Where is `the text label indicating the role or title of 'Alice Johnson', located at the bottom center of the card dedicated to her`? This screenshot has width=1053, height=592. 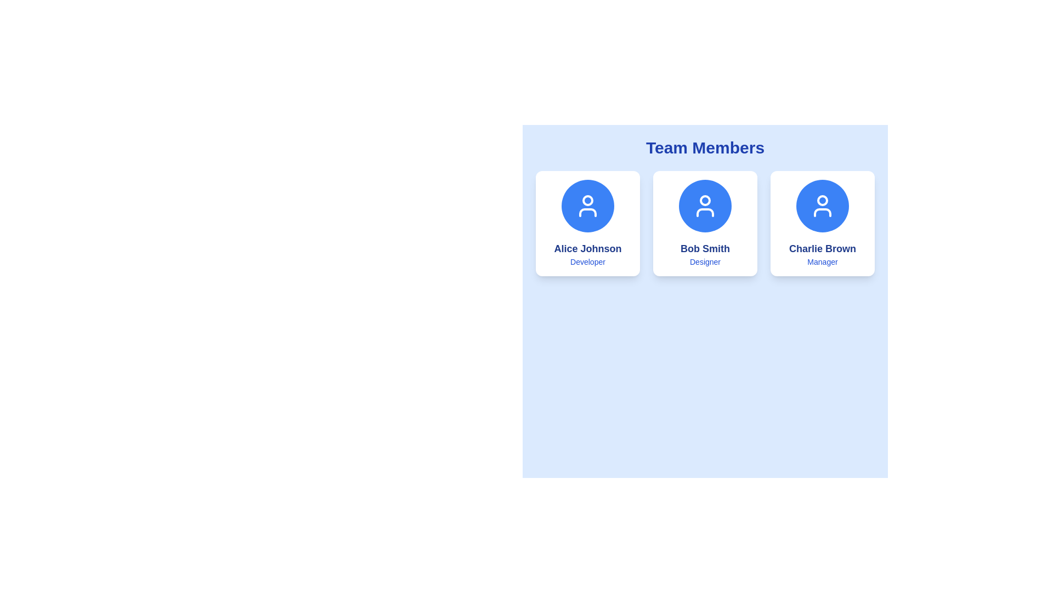
the text label indicating the role or title of 'Alice Johnson', located at the bottom center of the card dedicated to her is located at coordinates (587, 262).